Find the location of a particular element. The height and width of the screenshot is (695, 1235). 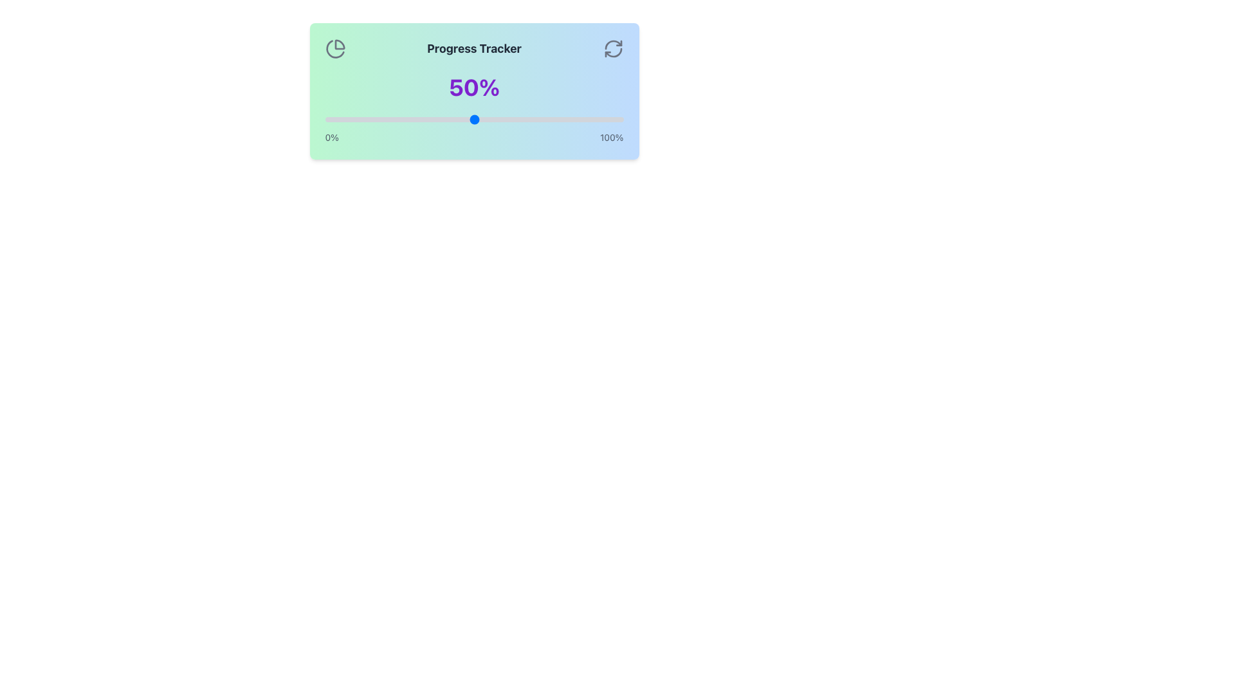

Text Display that shows '50%' in bold purple text, located within a pastel green-to-blue gradient rectangle, centered above a progress bar labeled '0%' and '100%' is located at coordinates (473, 87).